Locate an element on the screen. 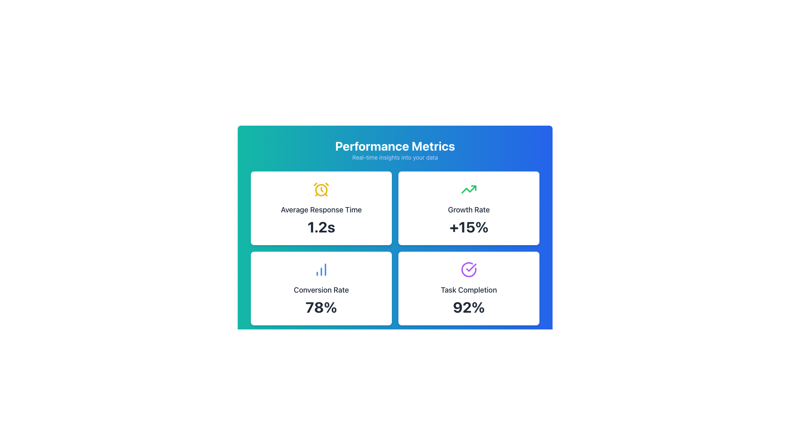 This screenshot has height=442, width=787. the upward progress line graph styled icon, which is a bold green arrow pointing upward to the right, located in the 'Growth Rate' box above the 'Growth Rate' and '+15%' texts is located at coordinates (469, 189).